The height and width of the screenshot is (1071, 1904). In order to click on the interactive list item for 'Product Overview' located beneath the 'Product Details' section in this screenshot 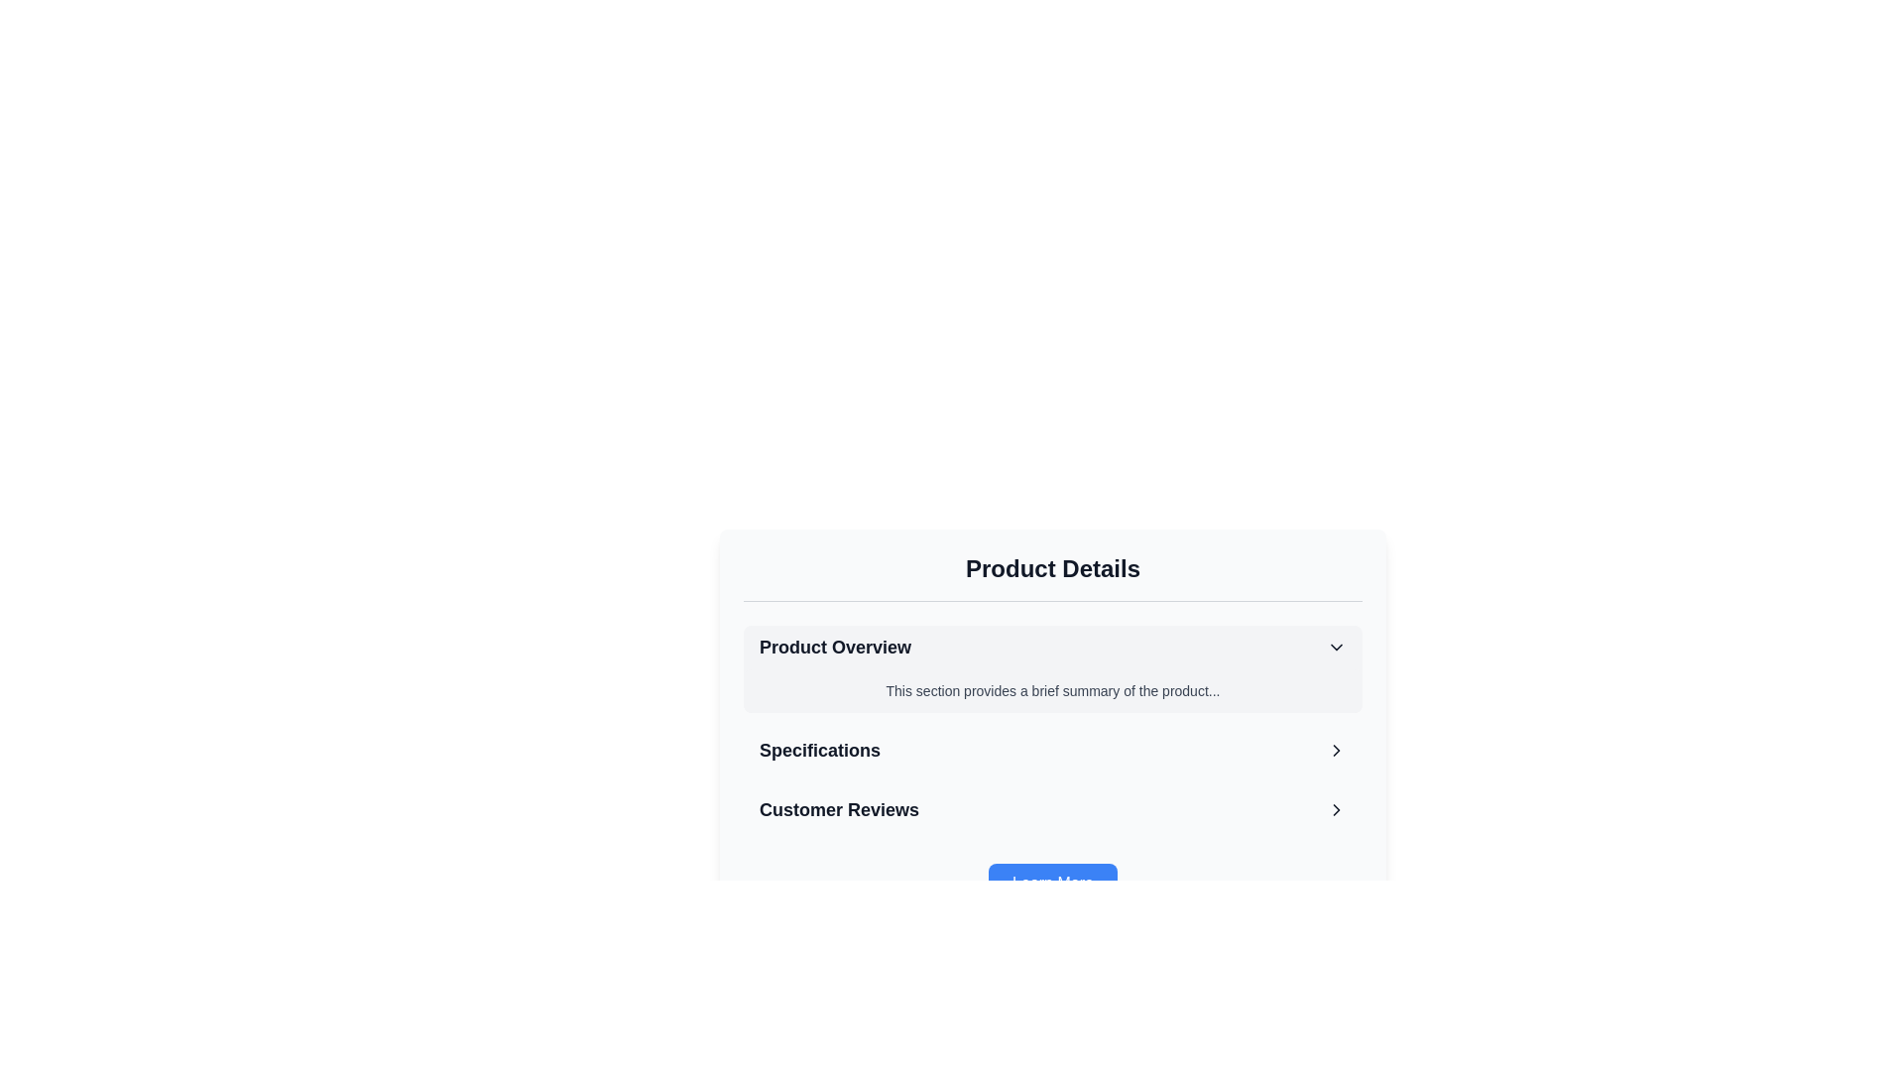, I will do `click(1051, 647)`.